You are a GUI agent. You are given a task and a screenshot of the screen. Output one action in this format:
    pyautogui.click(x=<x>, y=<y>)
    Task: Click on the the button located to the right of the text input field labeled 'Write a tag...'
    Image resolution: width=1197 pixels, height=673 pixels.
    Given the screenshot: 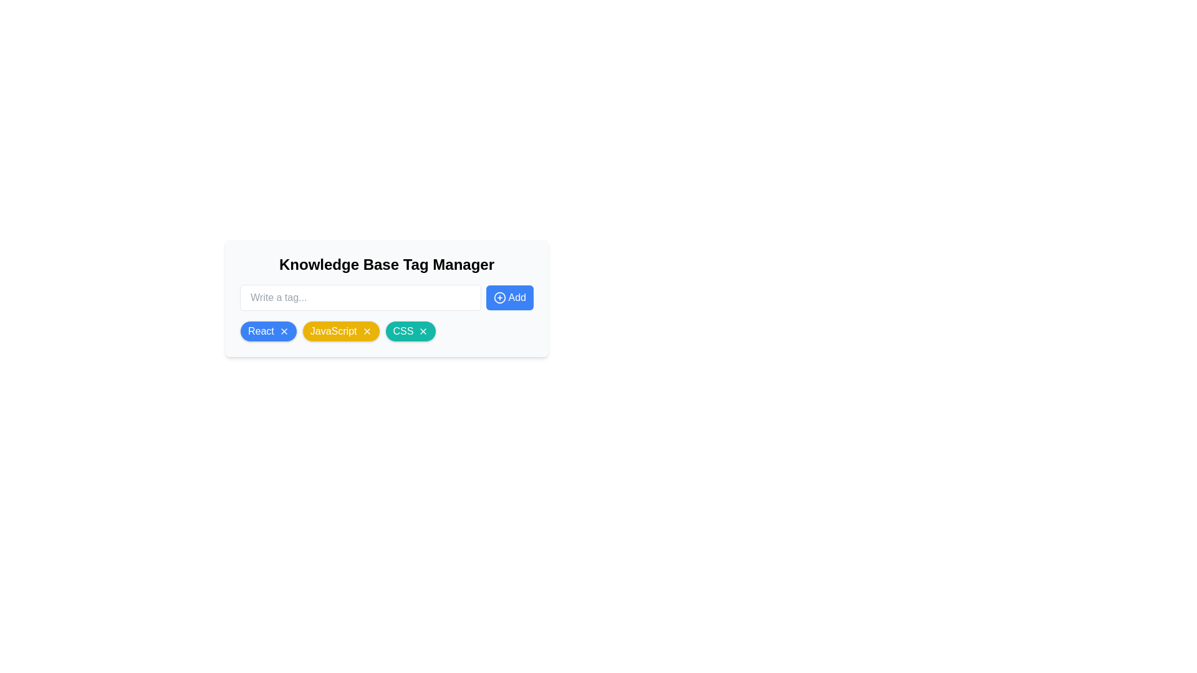 What is the action you would take?
    pyautogui.click(x=509, y=298)
    